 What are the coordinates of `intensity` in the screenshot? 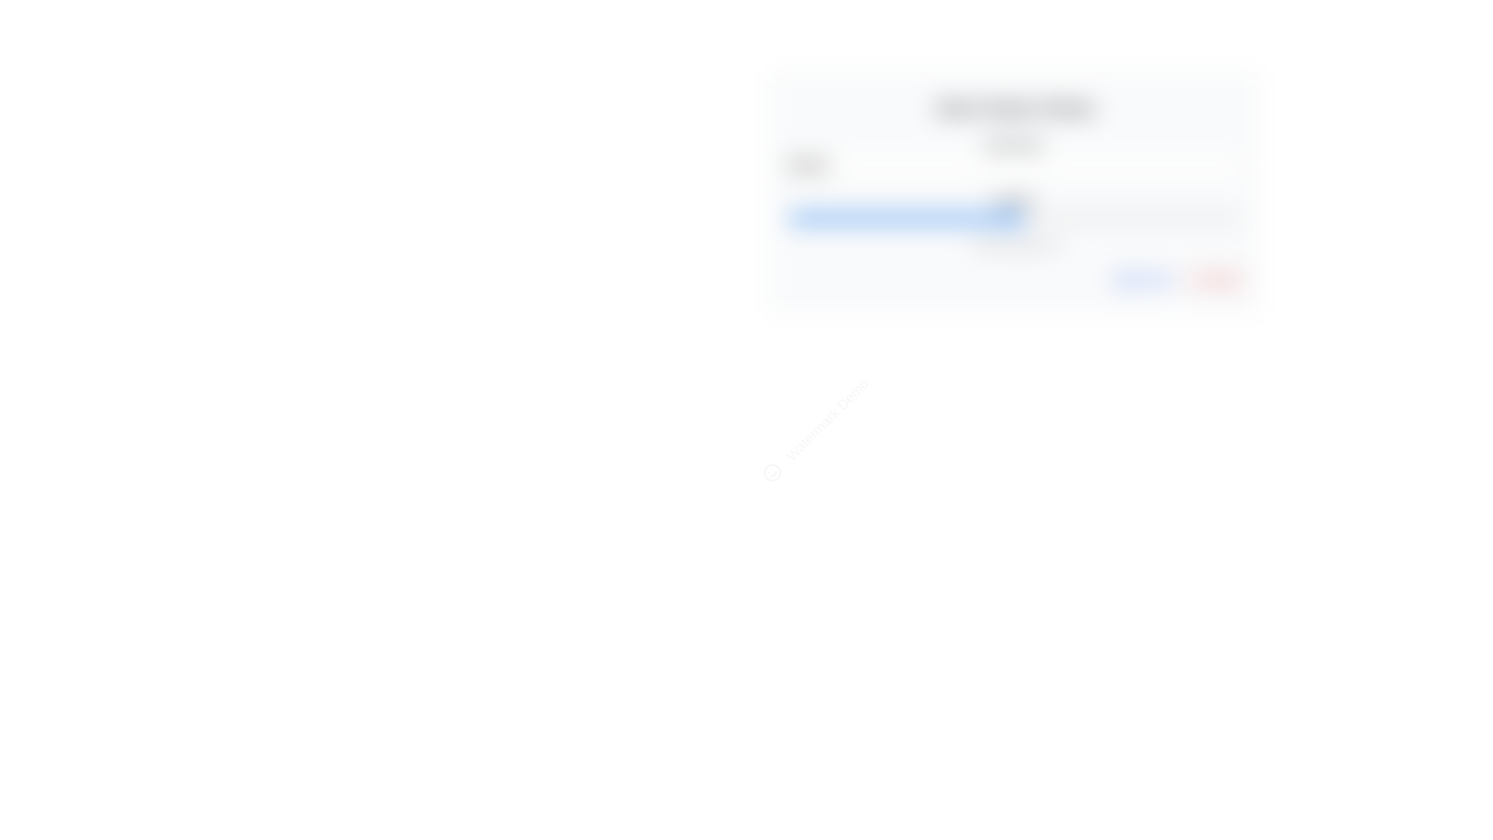 It's located at (869, 219).